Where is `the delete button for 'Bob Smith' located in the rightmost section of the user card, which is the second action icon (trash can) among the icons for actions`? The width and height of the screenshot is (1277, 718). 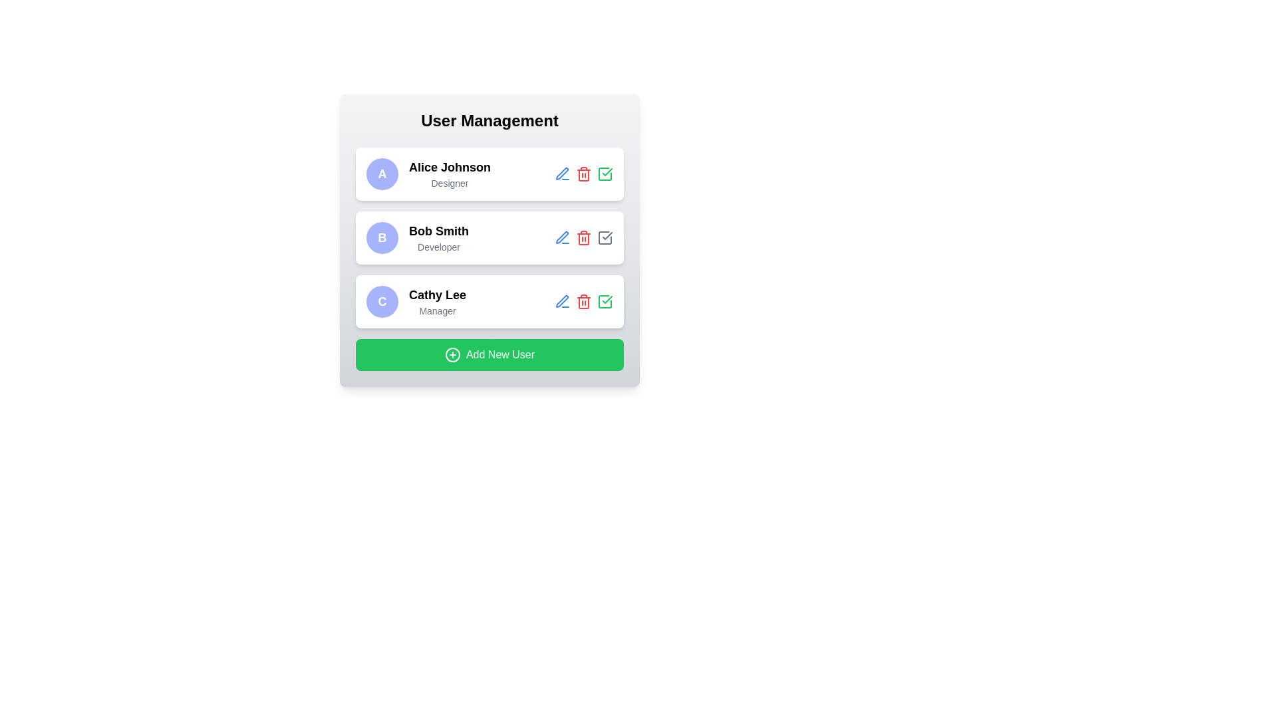 the delete button for 'Bob Smith' located in the rightmost section of the user card, which is the second action icon (trash can) among the icons for actions is located at coordinates (584, 237).